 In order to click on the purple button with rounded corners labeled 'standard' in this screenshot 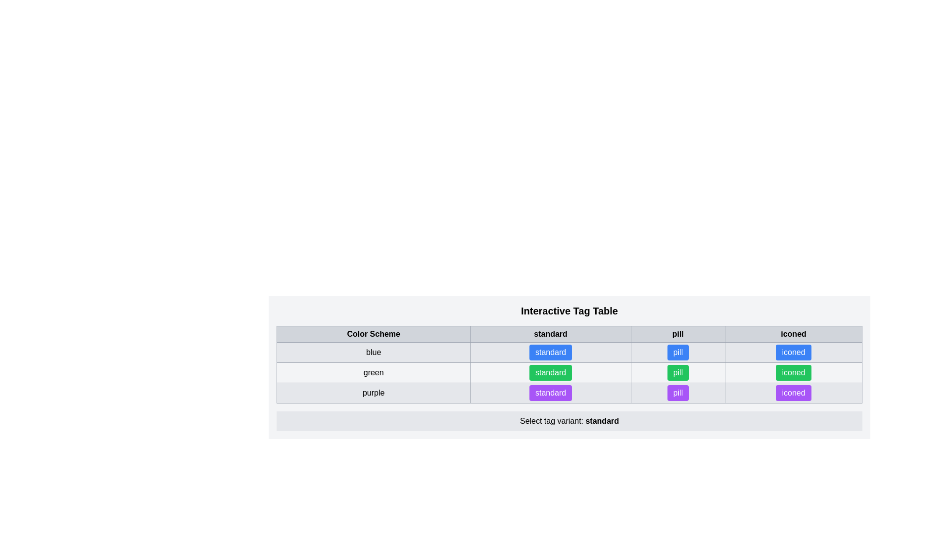, I will do `click(550, 392)`.